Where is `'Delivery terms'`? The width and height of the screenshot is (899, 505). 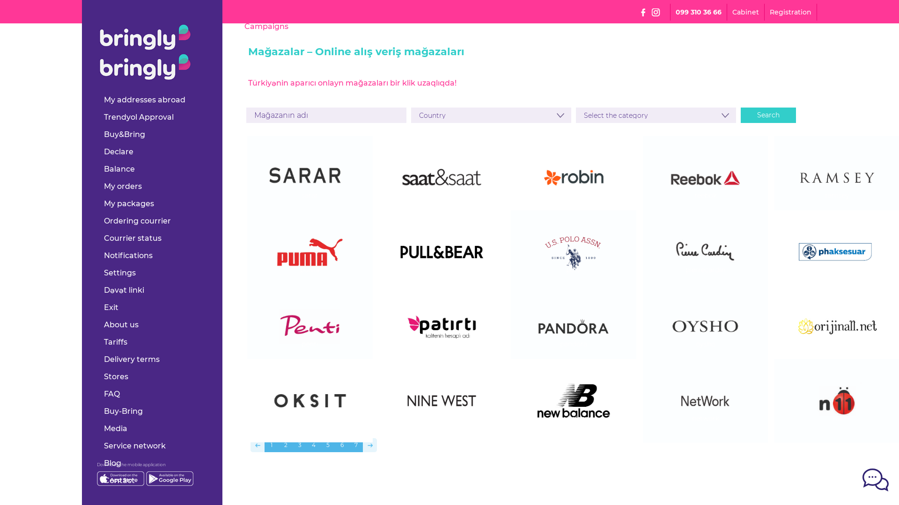
'Delivery terms' is located at coordinates (131, 359).